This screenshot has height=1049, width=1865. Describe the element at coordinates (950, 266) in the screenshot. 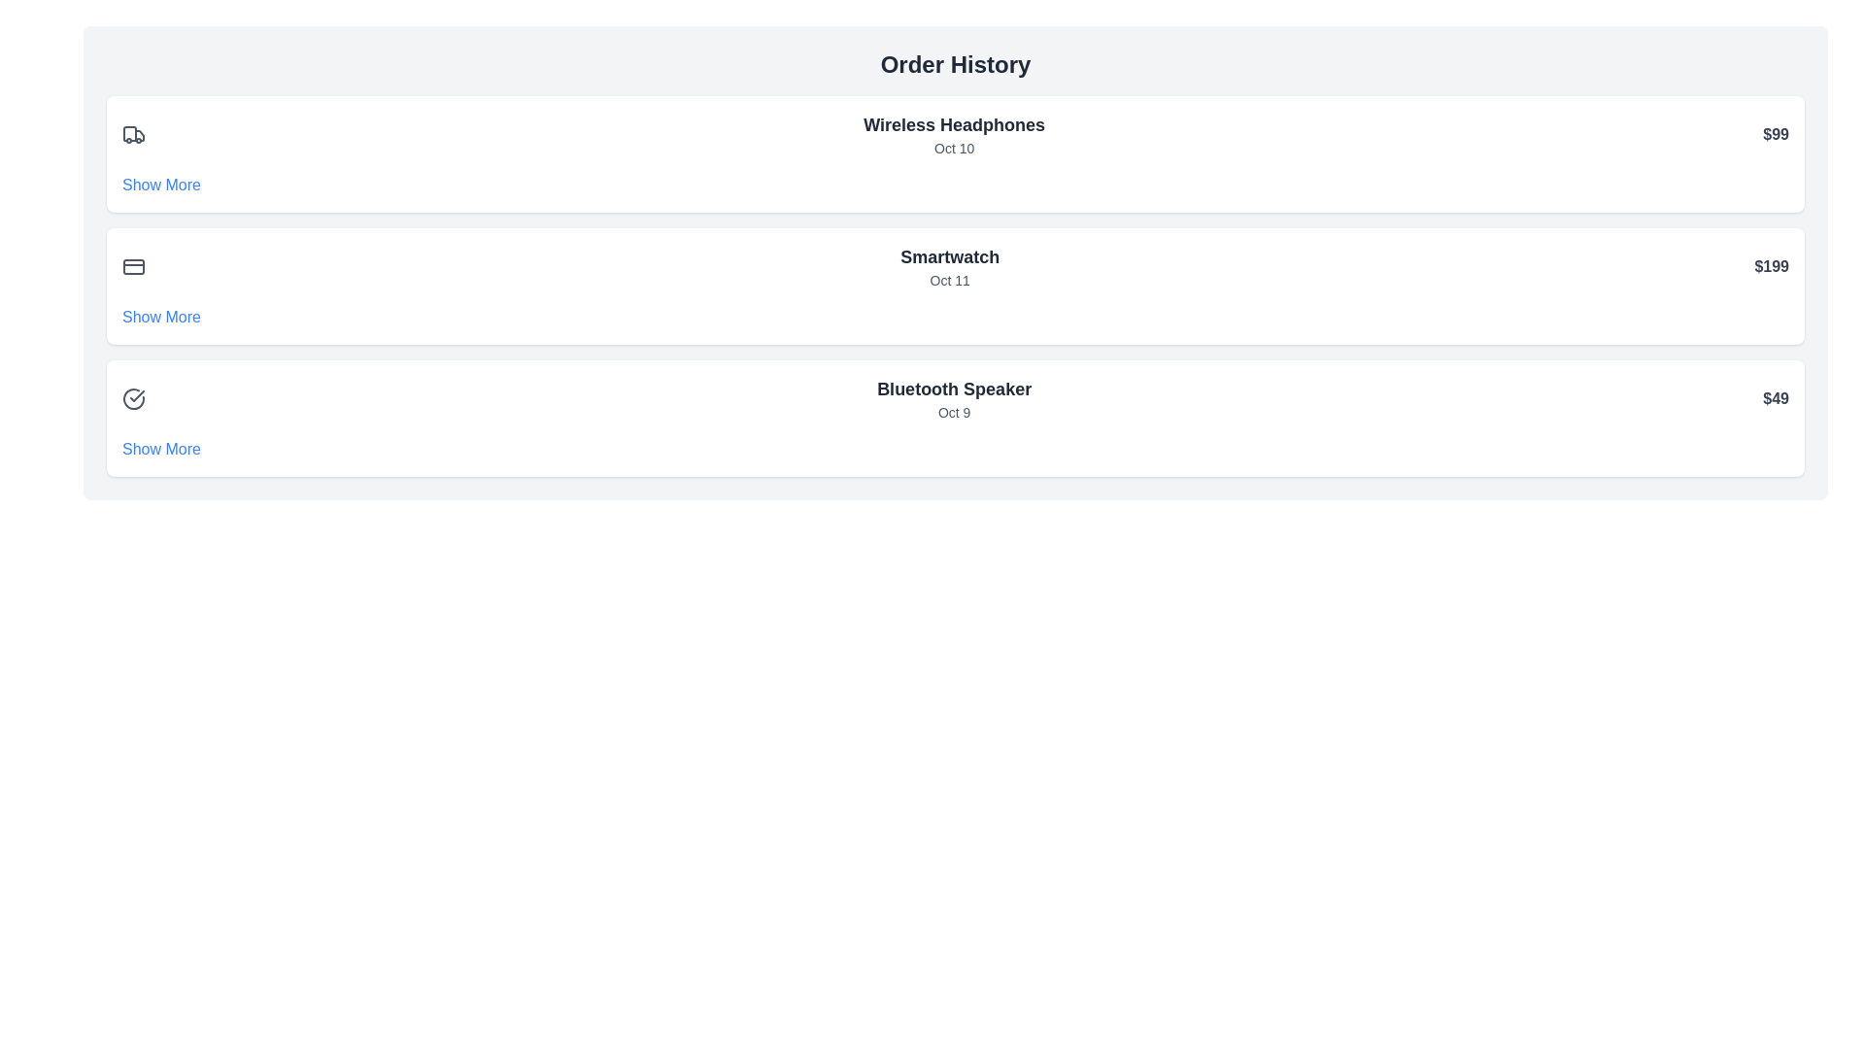

I see `the text label displaying 'Smartwatch' in bold, large font, which is centrally located in the product description section` at that location.